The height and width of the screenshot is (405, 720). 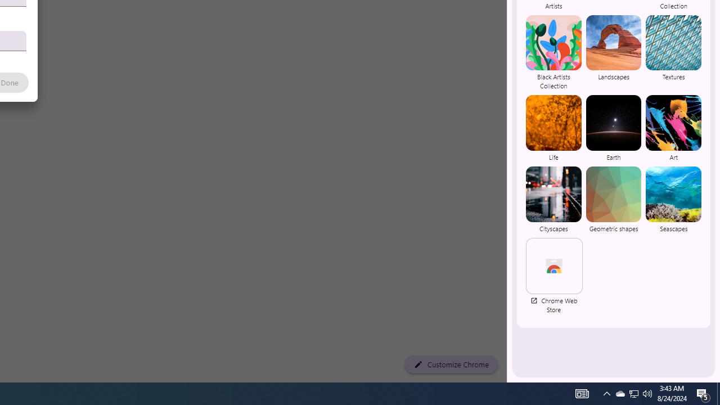 What do you see at coordinates (613, 52) in the screenshot?
I see `'Landscapes'` at bounding box center [613, 52].